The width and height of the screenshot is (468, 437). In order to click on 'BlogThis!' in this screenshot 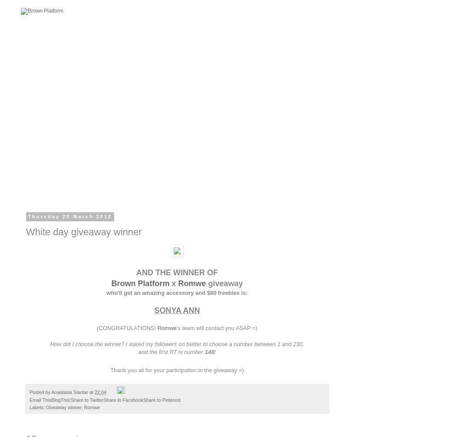, I will do `click(61, 399)`.